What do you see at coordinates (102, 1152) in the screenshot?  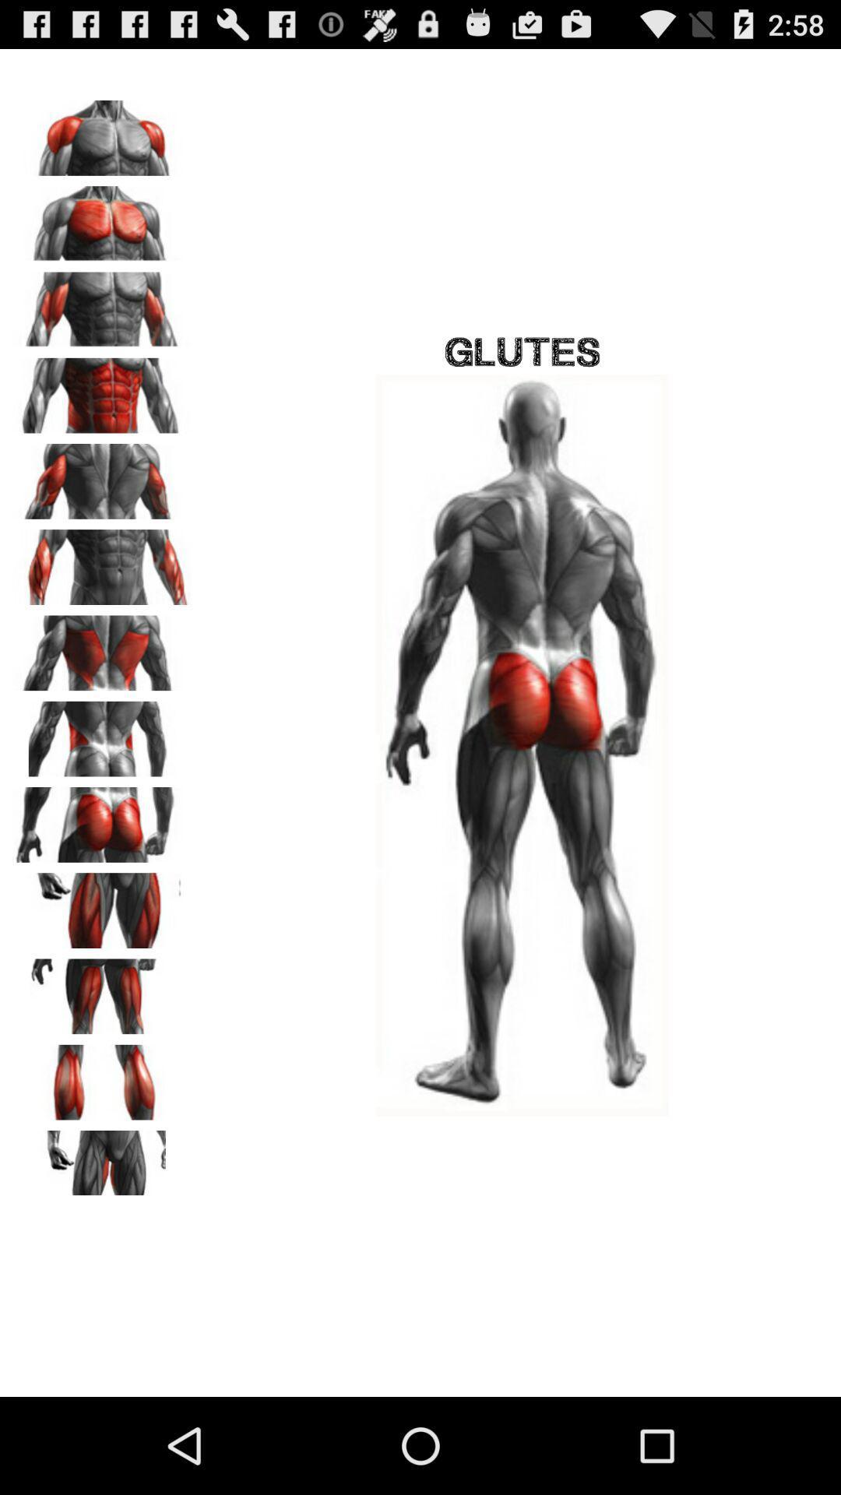 I see `the pause icon` at bounding box center [102, 1152].